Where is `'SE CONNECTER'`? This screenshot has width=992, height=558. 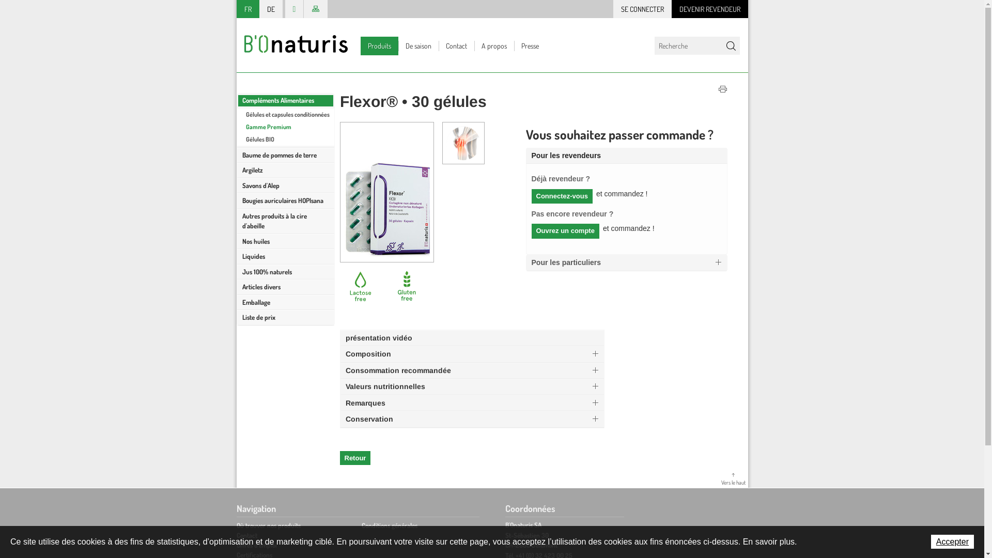
'SE CONNECTER' is located at coordinates (641, 9).